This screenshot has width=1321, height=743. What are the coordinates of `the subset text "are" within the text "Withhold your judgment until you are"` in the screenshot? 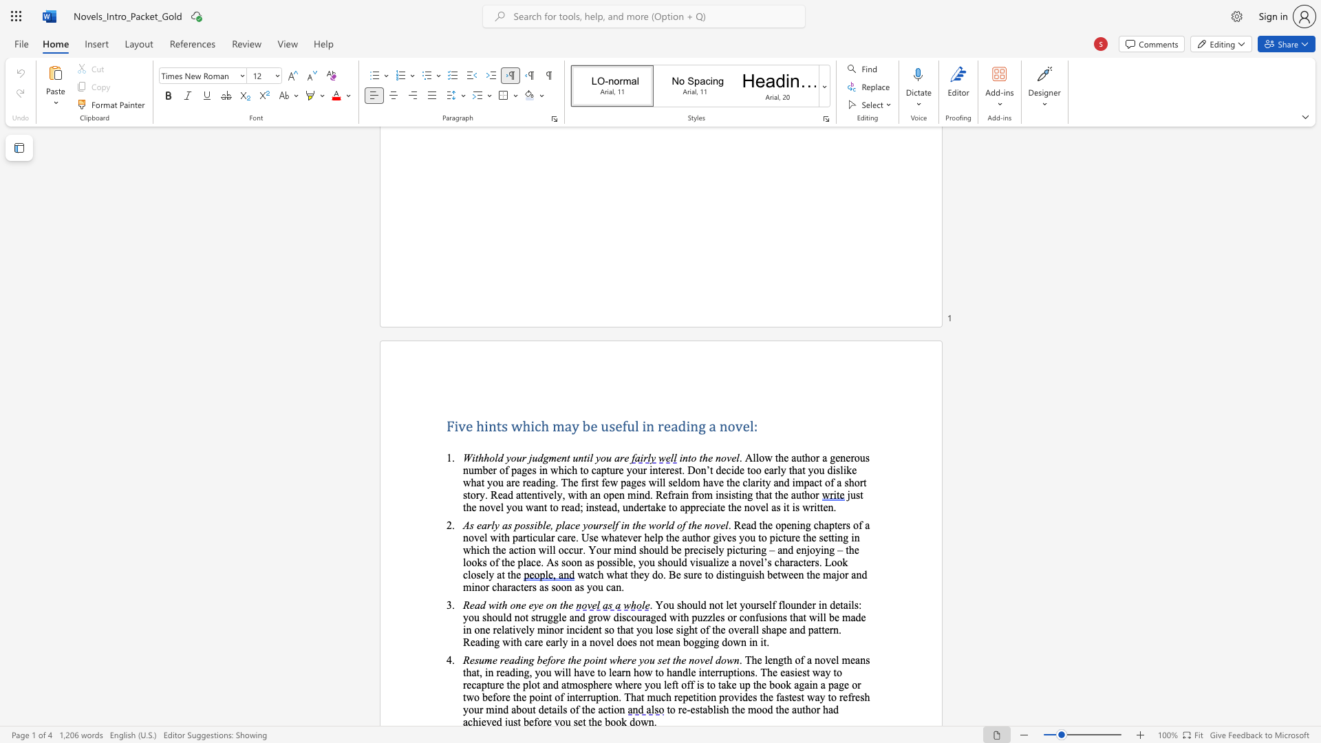 It's located at (613, 457).